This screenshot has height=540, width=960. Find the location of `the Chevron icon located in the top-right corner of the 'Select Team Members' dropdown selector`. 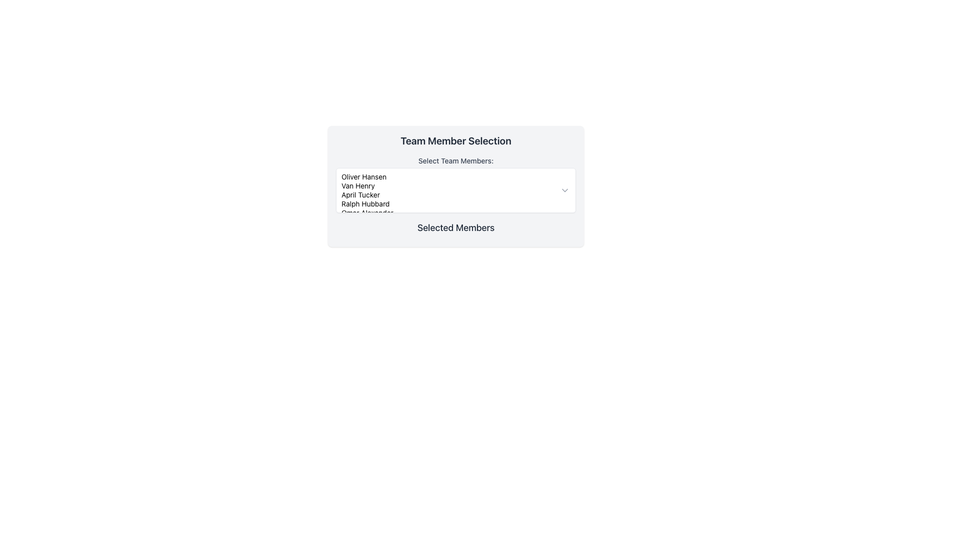

the Chevron icon located in the top-right corner of the 'Select Team Members' dropdown selector is located at coordinates (564, 190).